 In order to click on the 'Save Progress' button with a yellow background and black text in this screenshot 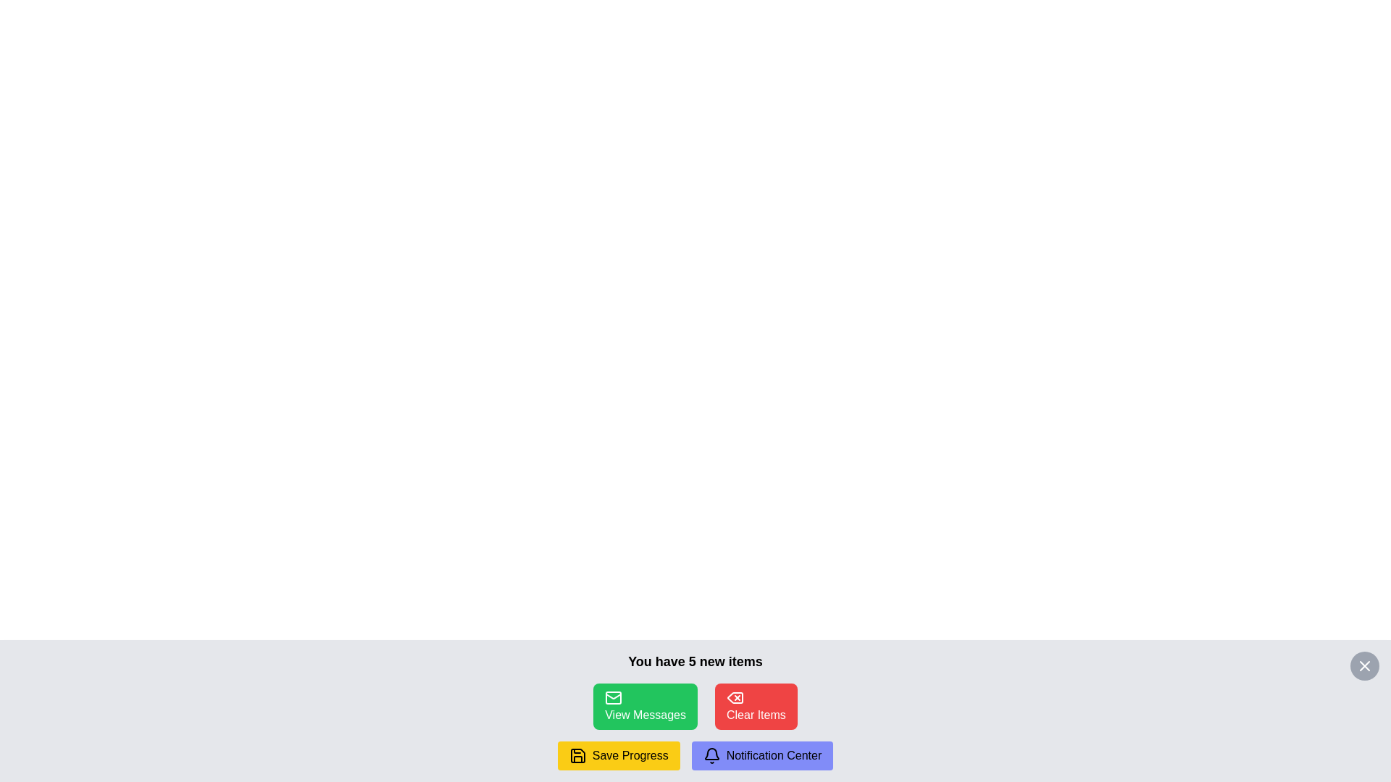, I will do `click(619, 755)`.